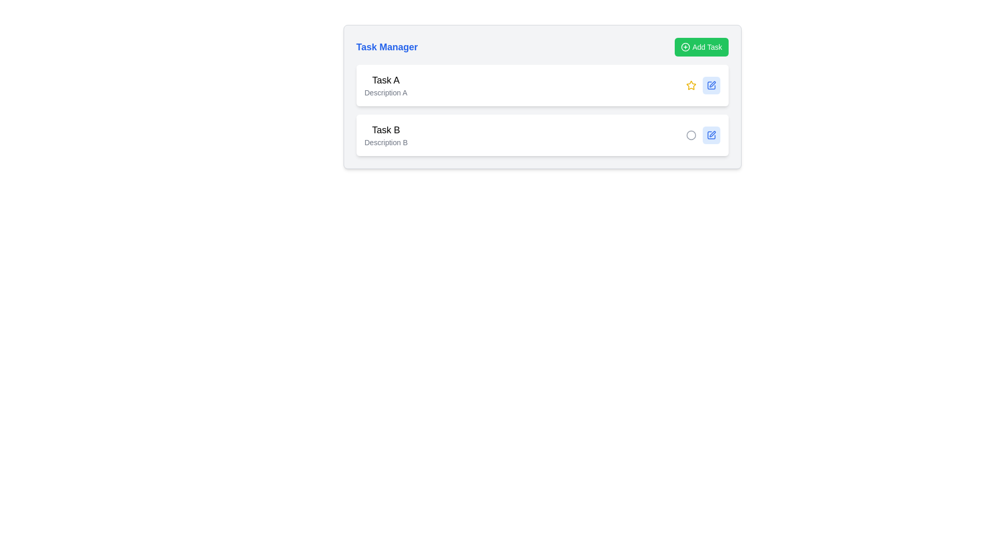 The width and height of the screenshot is (995, 560). What do you see at coordinates (686, 47) in the screenshot?
I see `the 'Add Task' icon located on the left side of the button in the top-right corner of the interface` at bounding box center [686, 47].